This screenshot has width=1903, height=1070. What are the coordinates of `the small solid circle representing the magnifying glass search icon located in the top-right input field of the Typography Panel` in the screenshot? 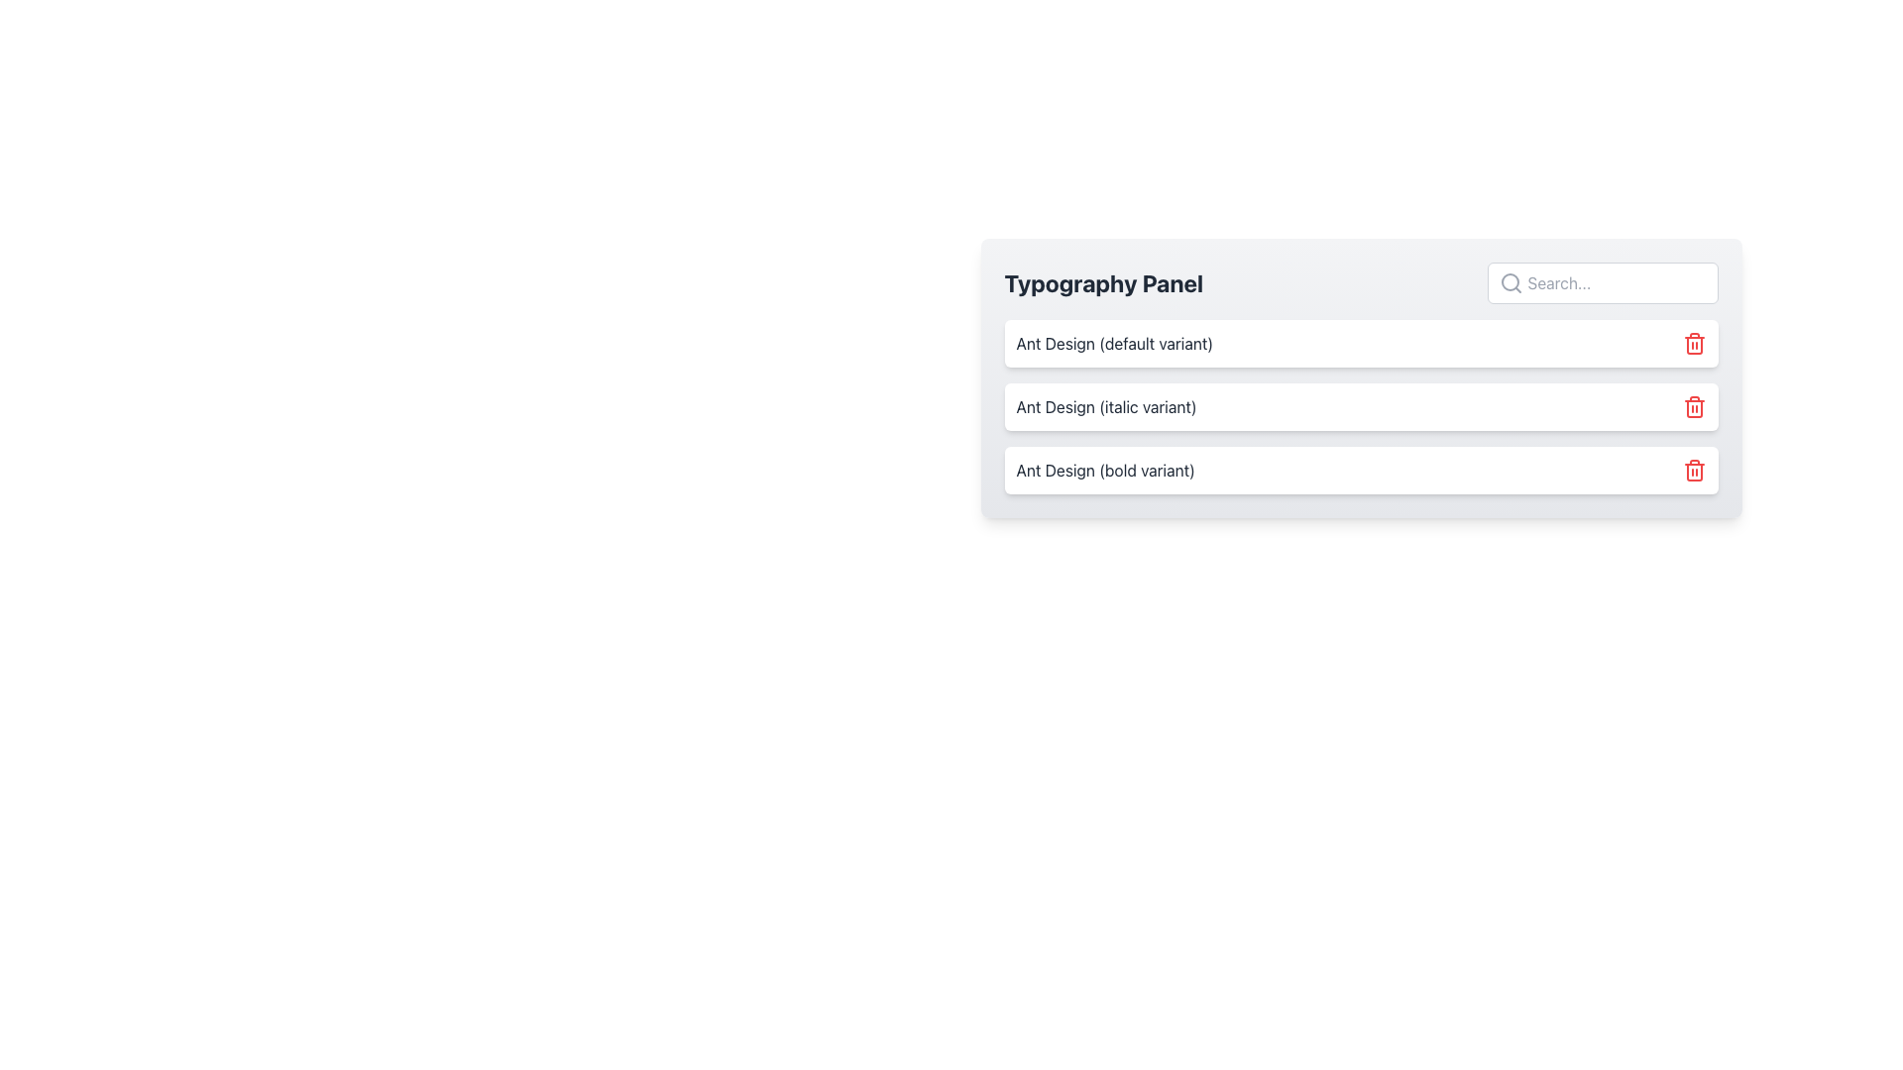 It's located at (1509, 282).